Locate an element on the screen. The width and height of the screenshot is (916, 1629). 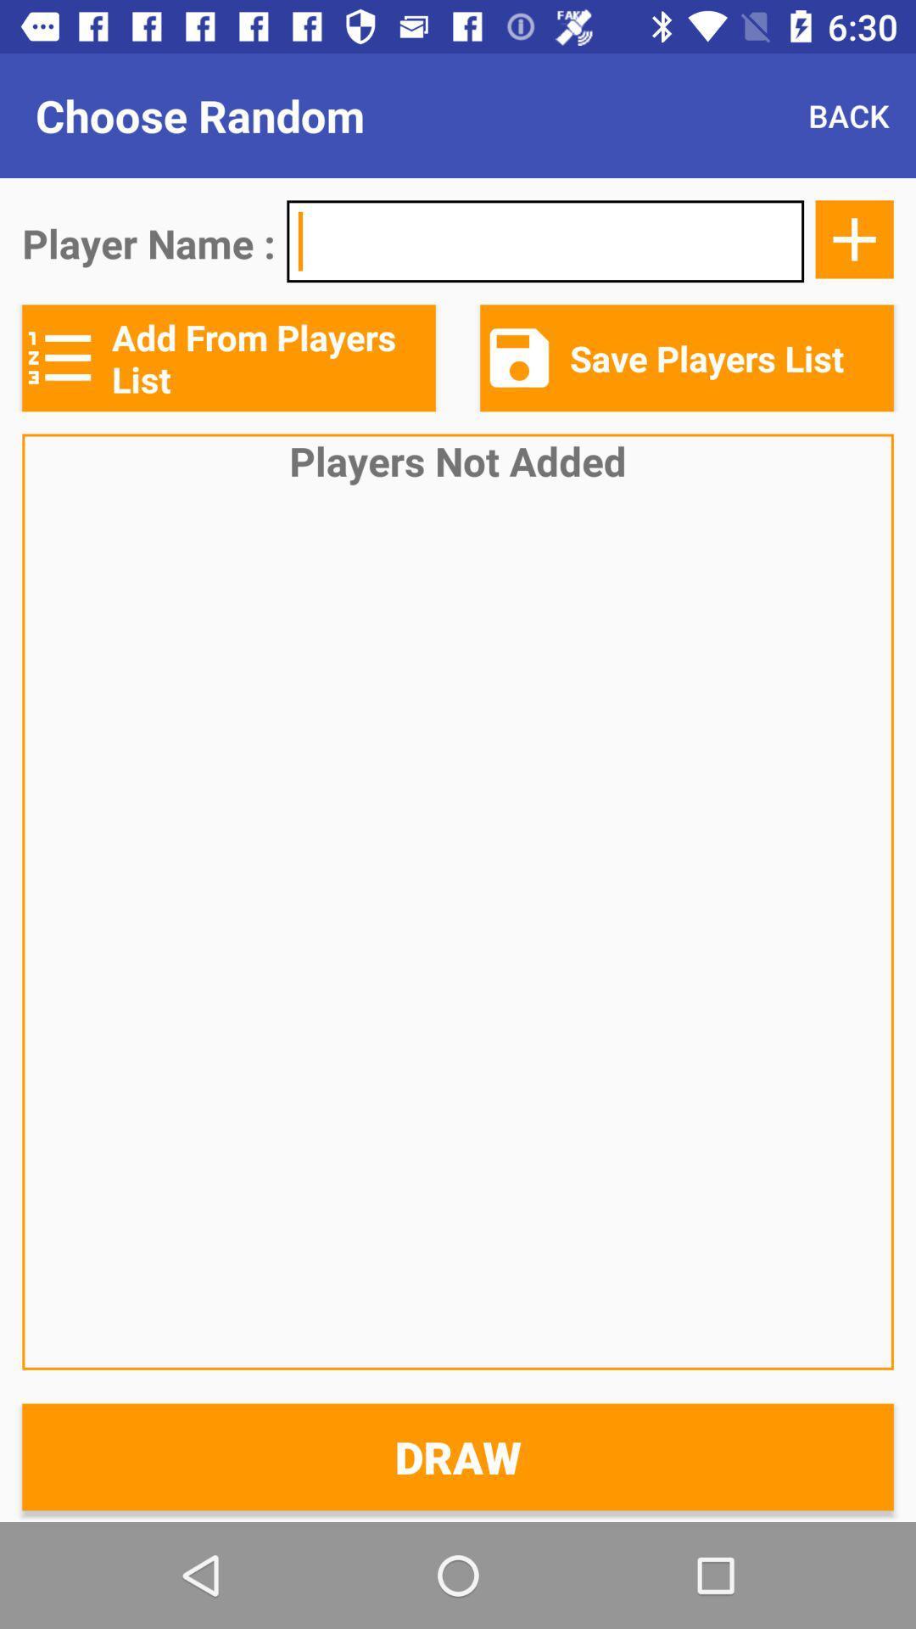
the name box is located at coordinates (545, 240).